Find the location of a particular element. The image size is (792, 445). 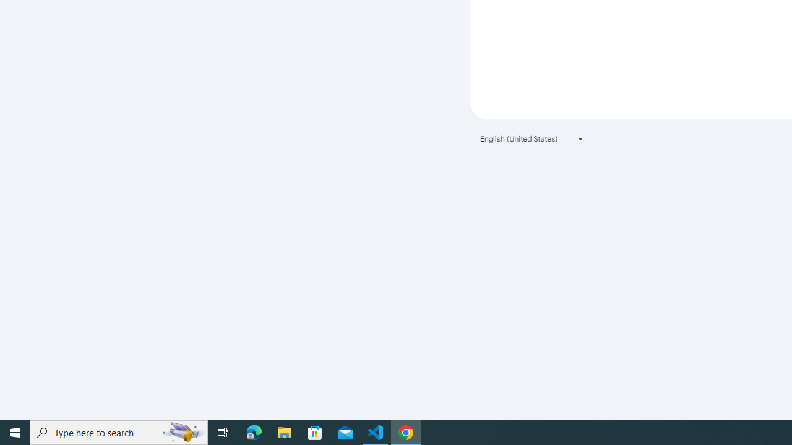

'English (United States)' is located at coordinates (532, 138).